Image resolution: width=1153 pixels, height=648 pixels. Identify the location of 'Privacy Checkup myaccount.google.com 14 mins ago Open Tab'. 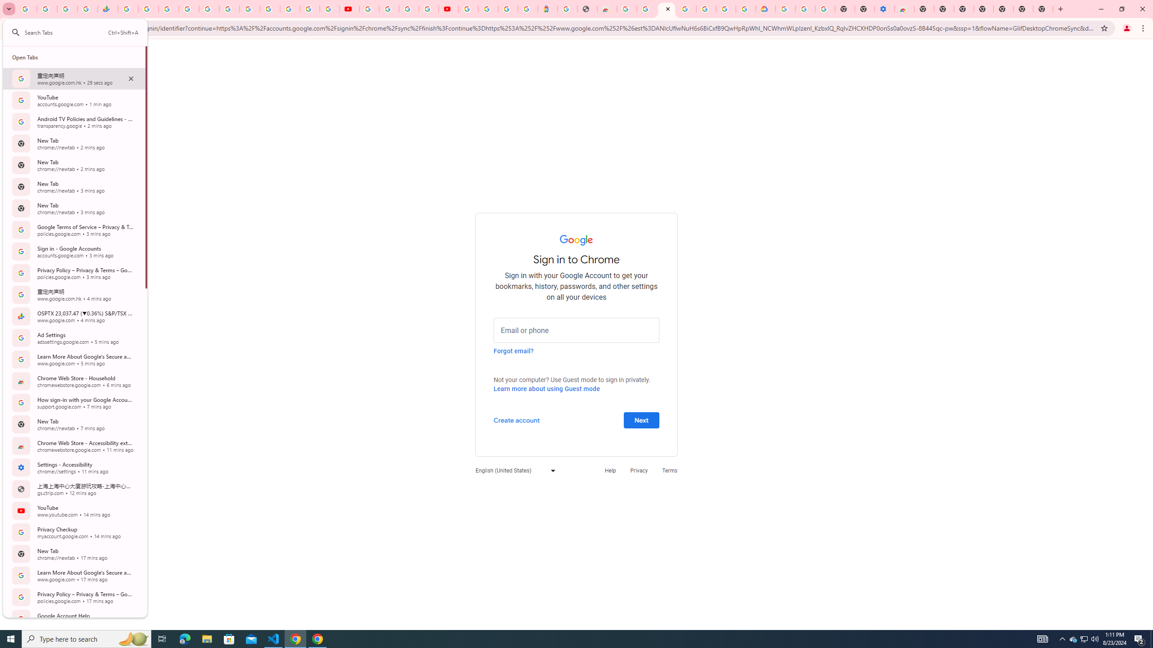
(74, 532).